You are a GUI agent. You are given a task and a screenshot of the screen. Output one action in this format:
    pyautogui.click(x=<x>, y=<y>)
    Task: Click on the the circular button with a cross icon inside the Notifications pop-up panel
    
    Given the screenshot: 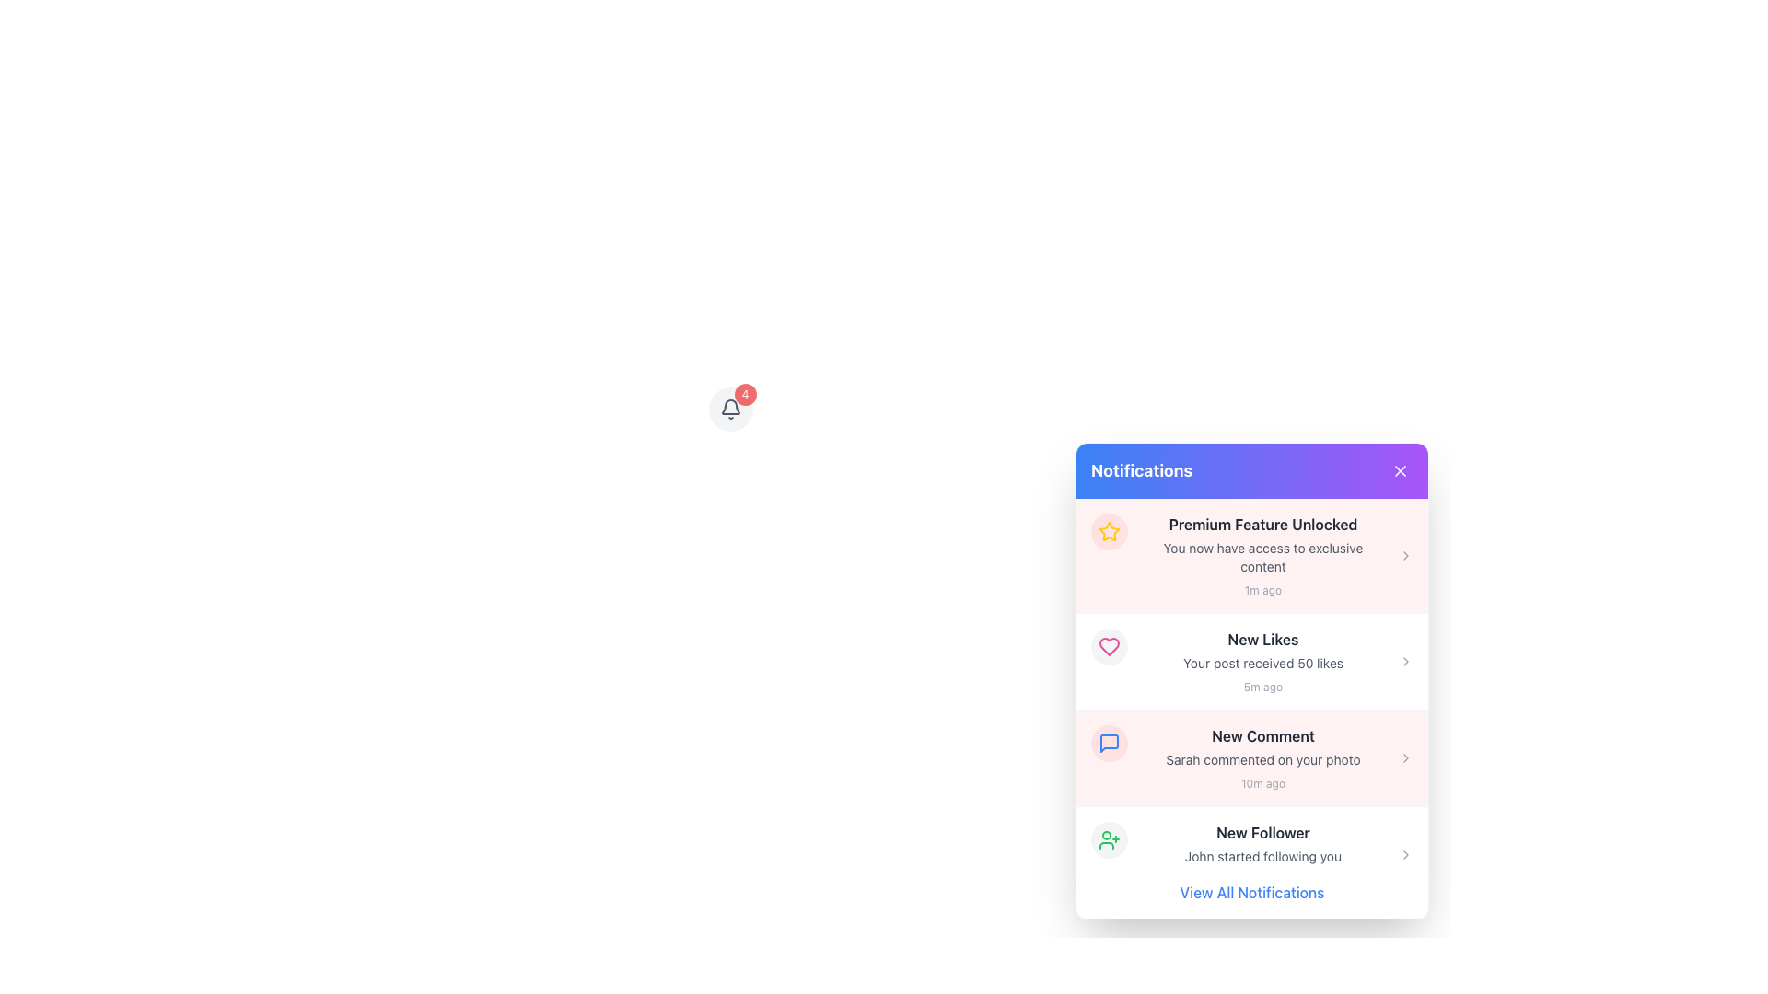 What is the action you would take?
    pyautogui.click(x=1400, y=470)
    